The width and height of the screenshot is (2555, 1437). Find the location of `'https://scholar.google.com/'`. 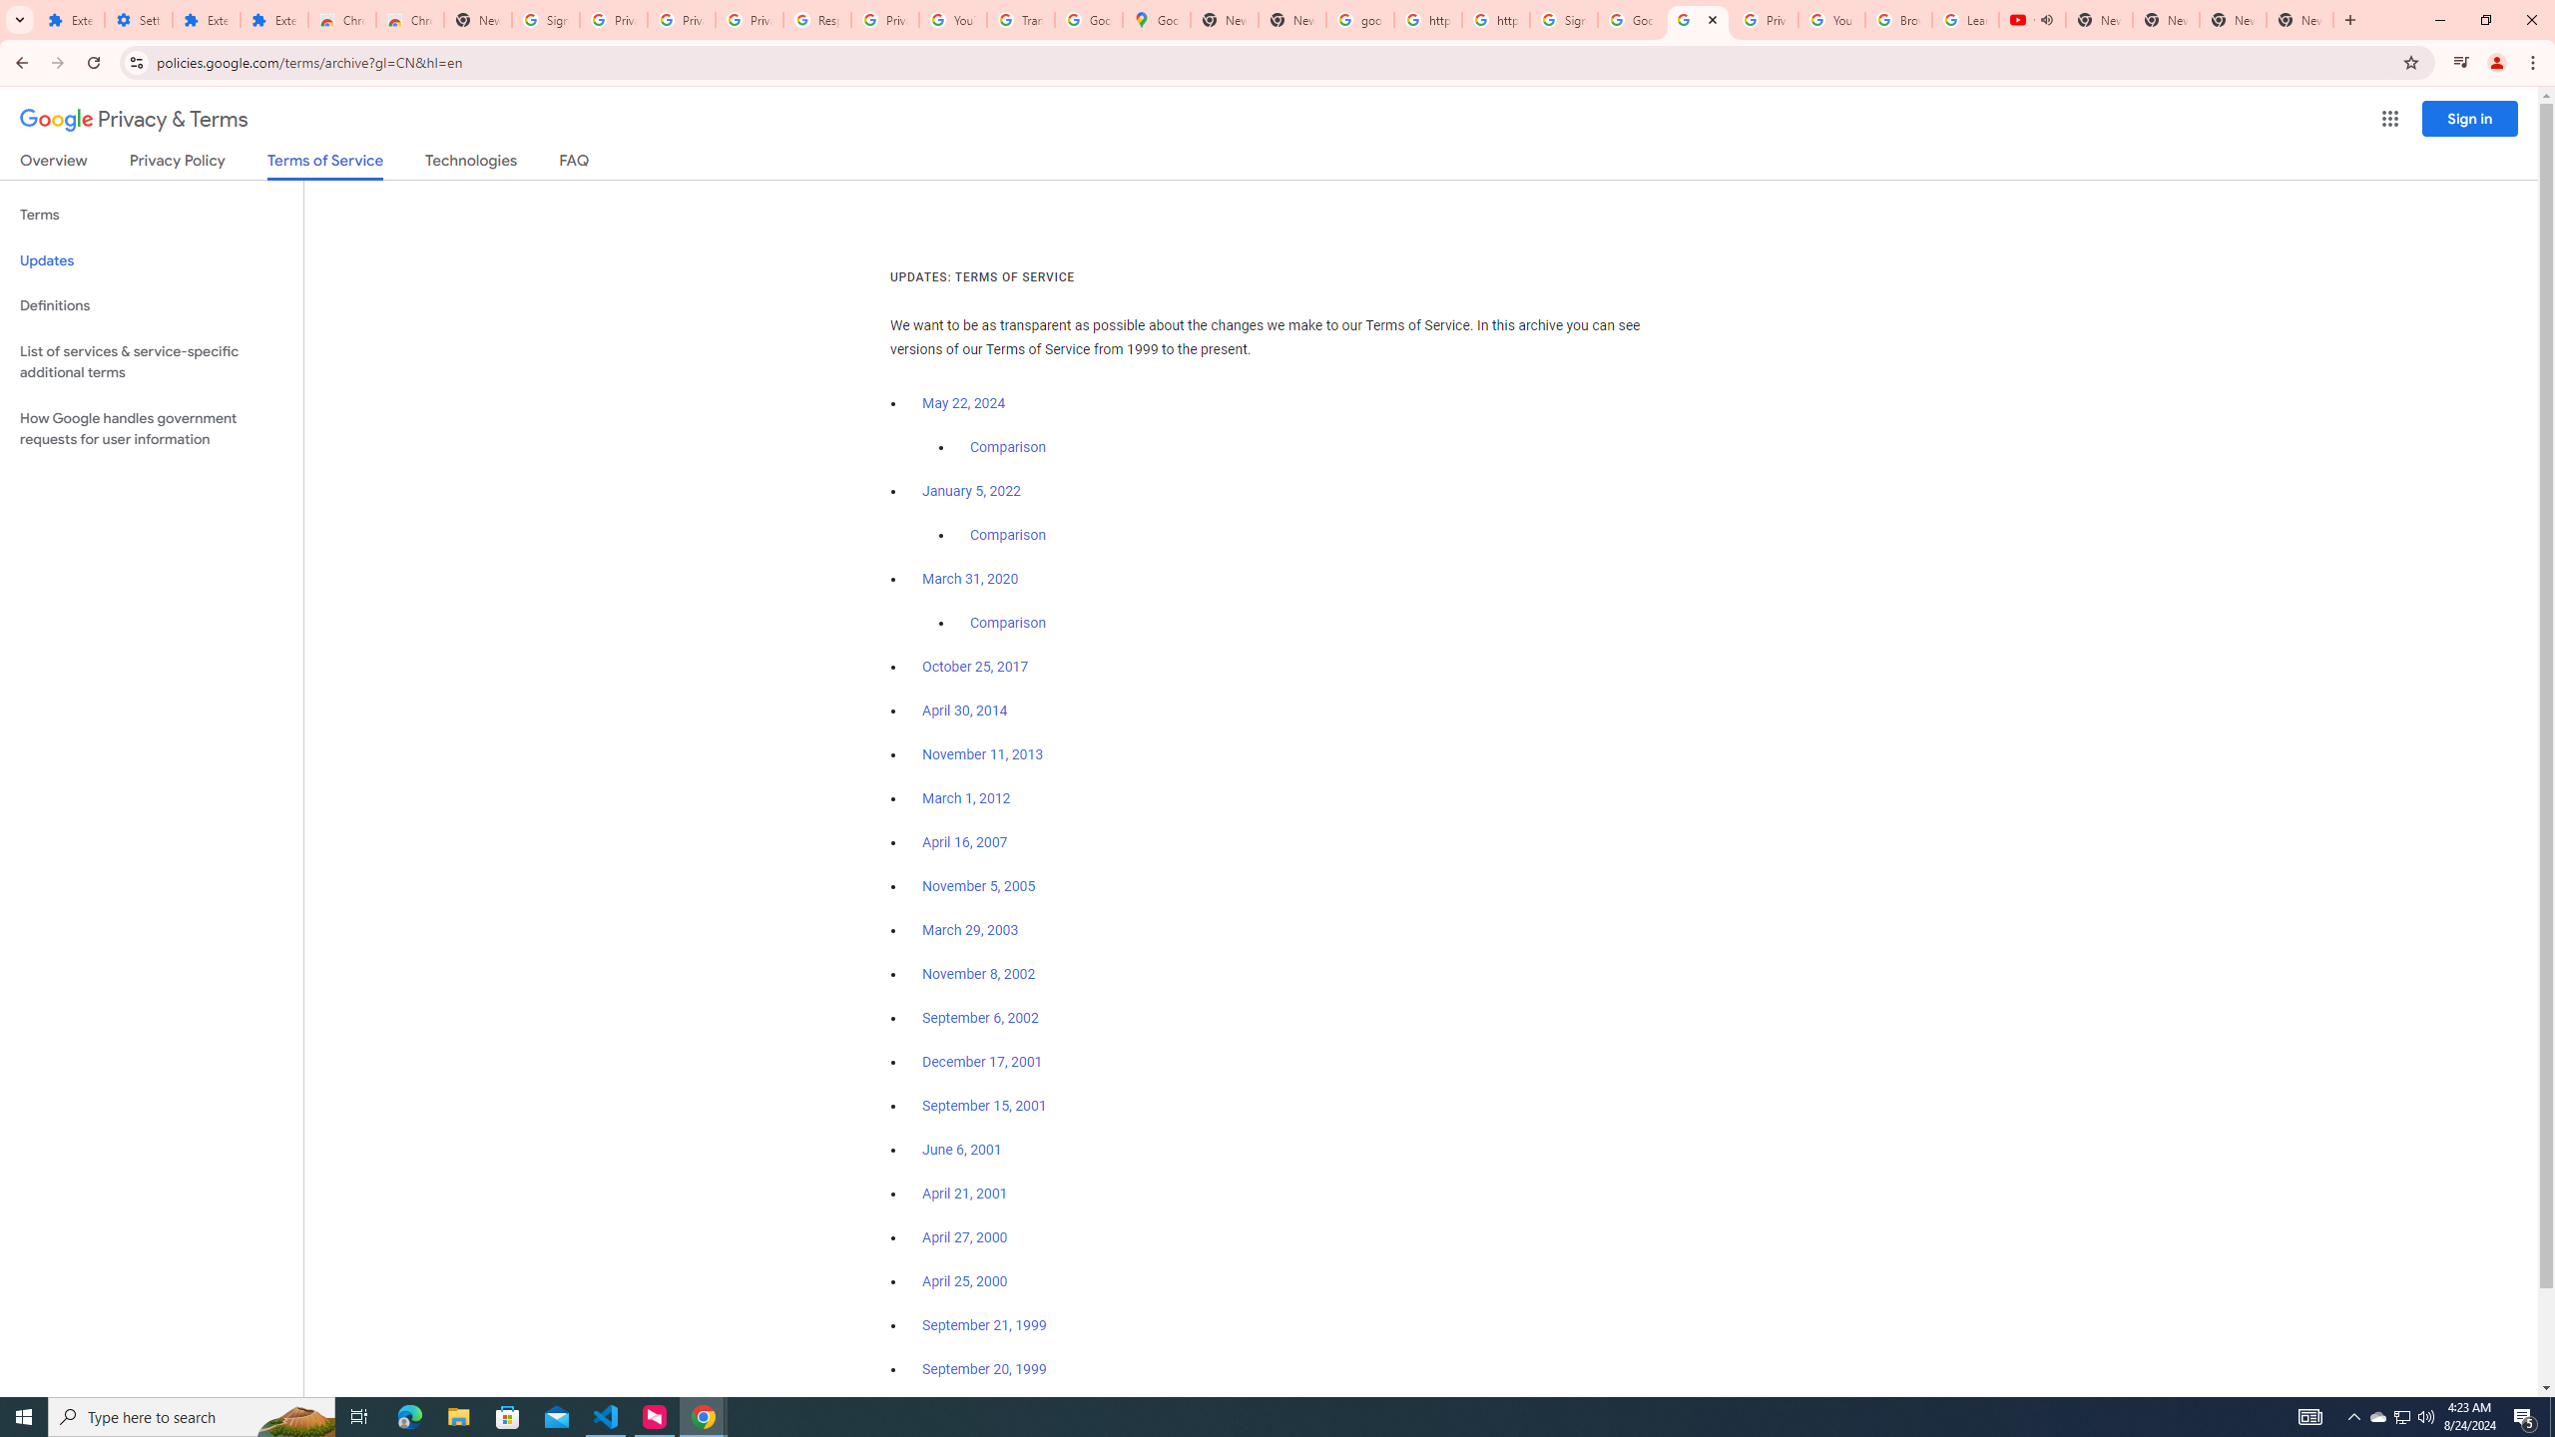

'https://scholar.google.com/' is located at coordinates (1427, 19).